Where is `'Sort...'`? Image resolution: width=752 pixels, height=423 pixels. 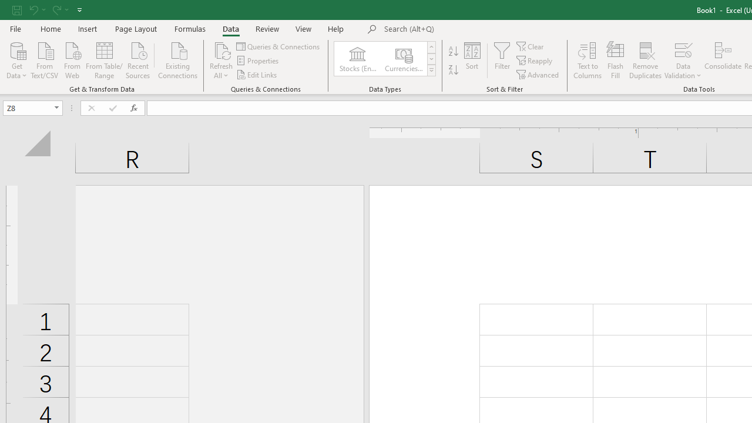
'Sort...' is located at coordinates (472, 61).